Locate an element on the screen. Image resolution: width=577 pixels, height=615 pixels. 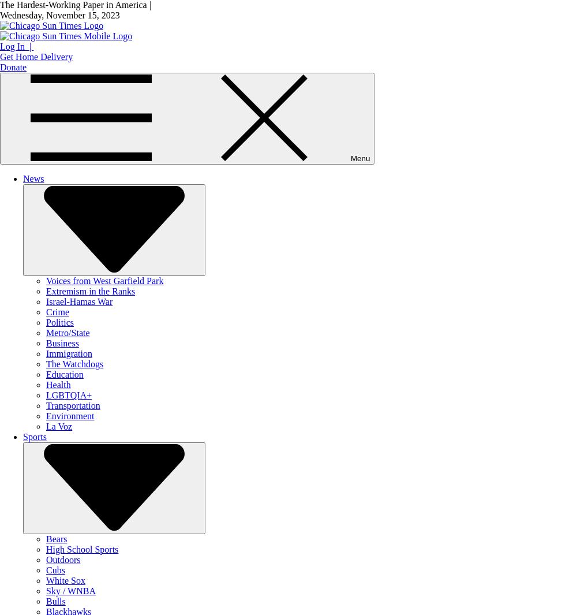
'Health' is located at coordinates (46, 385).